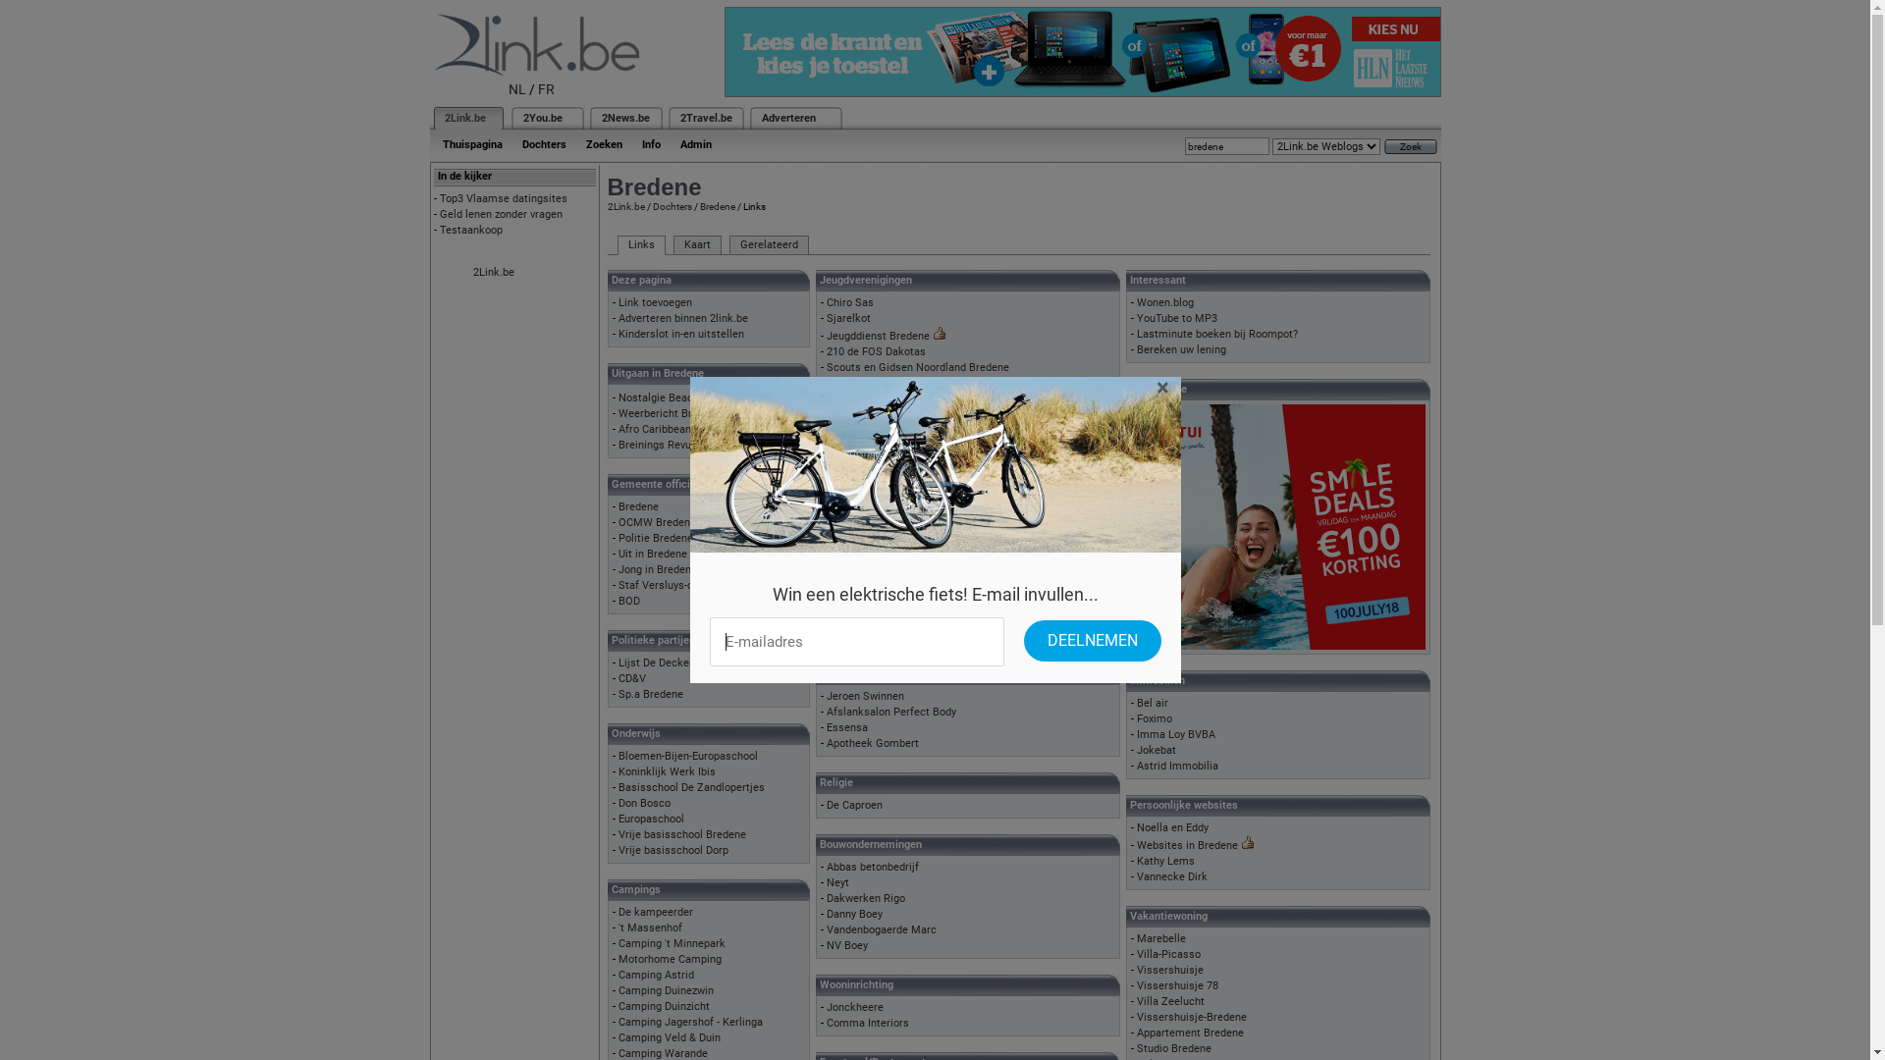  What do you see at coordinates (847, 944) in the screenshot?
I see `'NV Boey'` at bounding box center [847, 944].